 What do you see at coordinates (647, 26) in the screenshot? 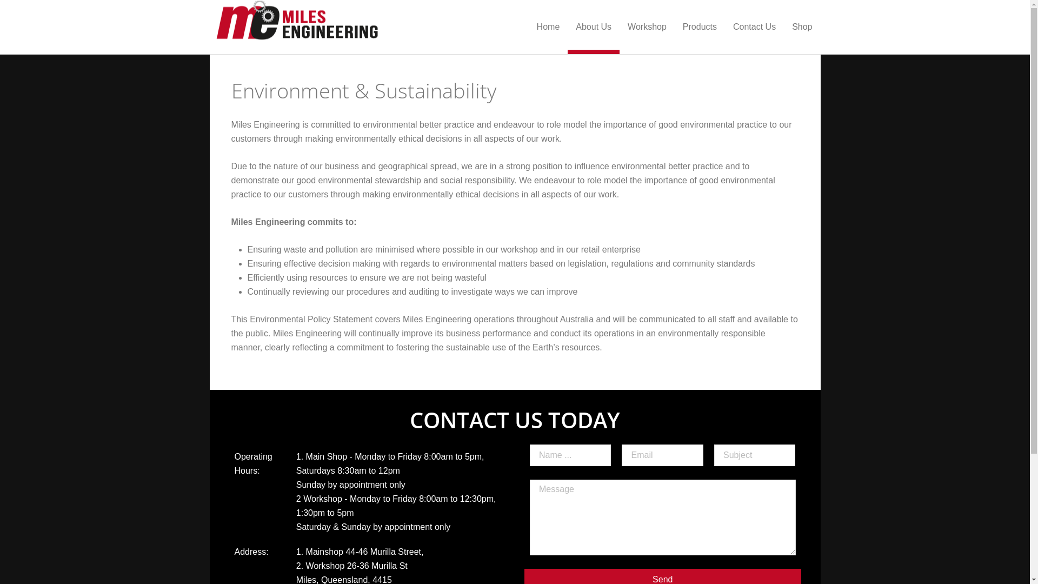
I see `'Workshop'` at bounding box center [647, 26].